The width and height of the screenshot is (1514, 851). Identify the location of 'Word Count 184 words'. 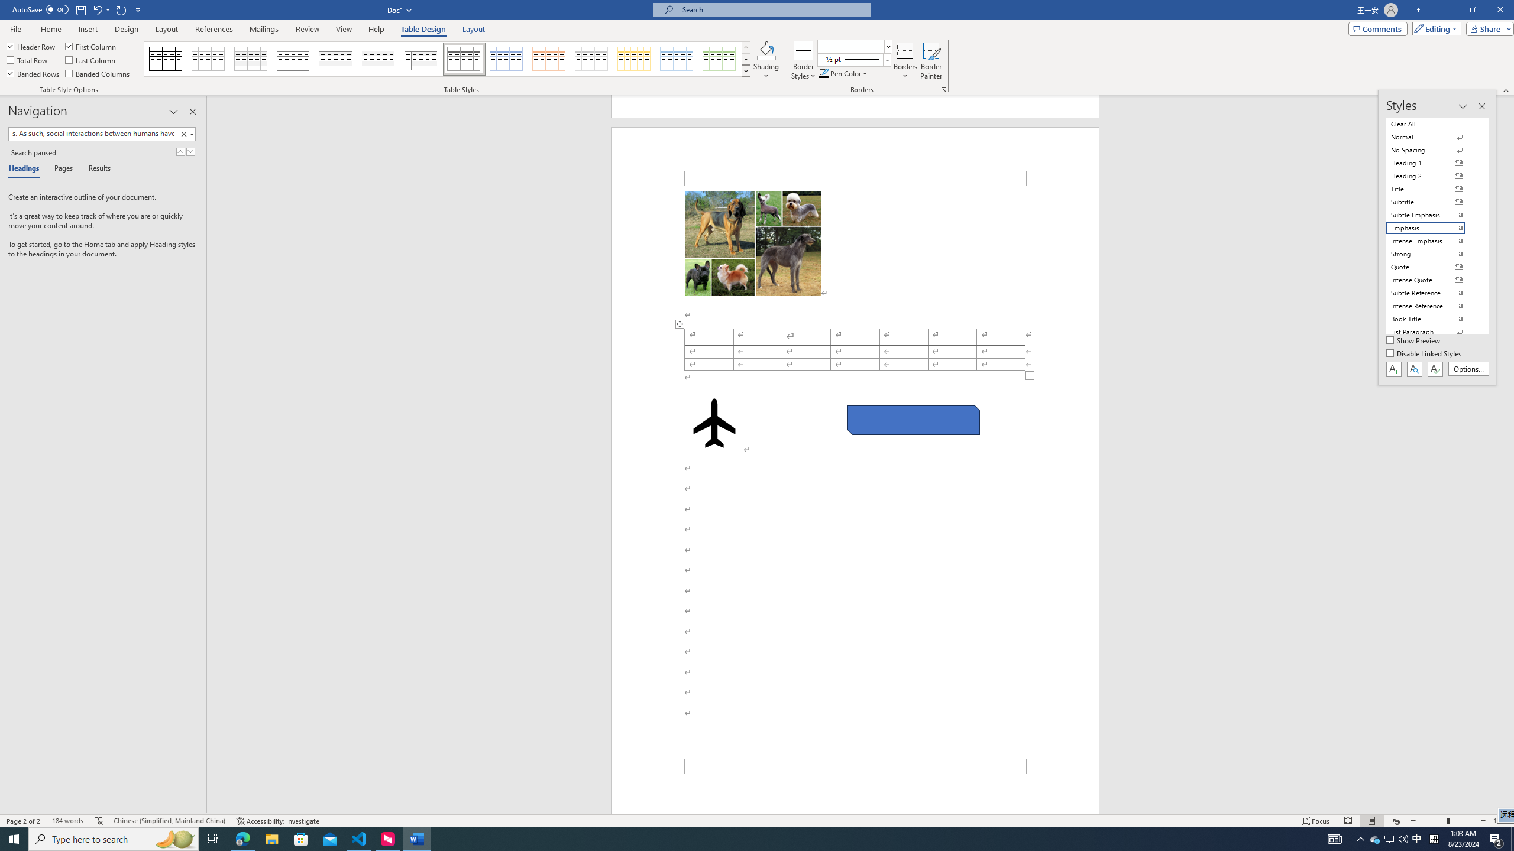
(67, 821).